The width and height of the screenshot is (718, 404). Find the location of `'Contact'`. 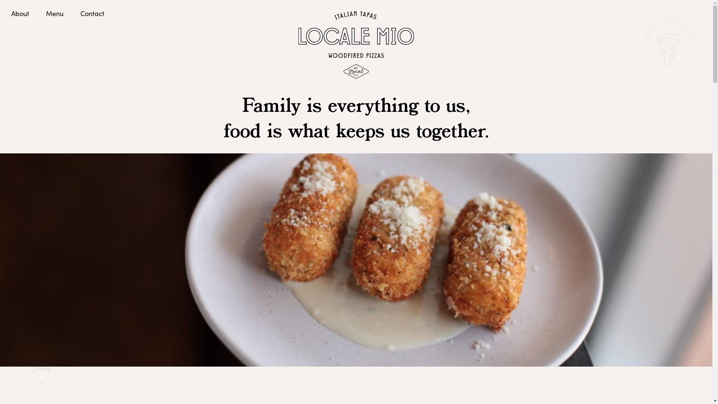

'Contact' is located at coordinates (92, 13).